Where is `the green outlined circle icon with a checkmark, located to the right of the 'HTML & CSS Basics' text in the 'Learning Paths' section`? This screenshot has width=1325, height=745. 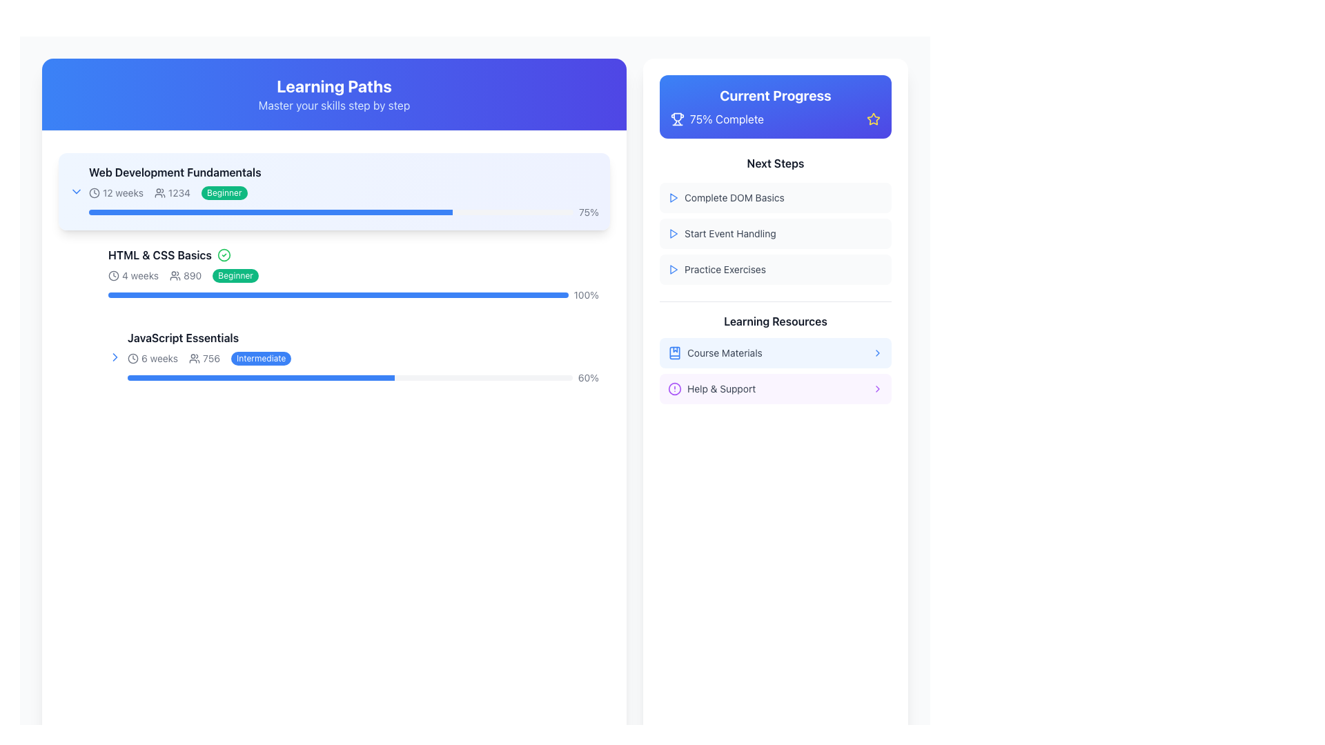 the green outlined circle icon with a checkmark, located to the right of the 'HTML & CSS Basics' text in the 'Learning Paths' section is located at coordinates (224, 255).